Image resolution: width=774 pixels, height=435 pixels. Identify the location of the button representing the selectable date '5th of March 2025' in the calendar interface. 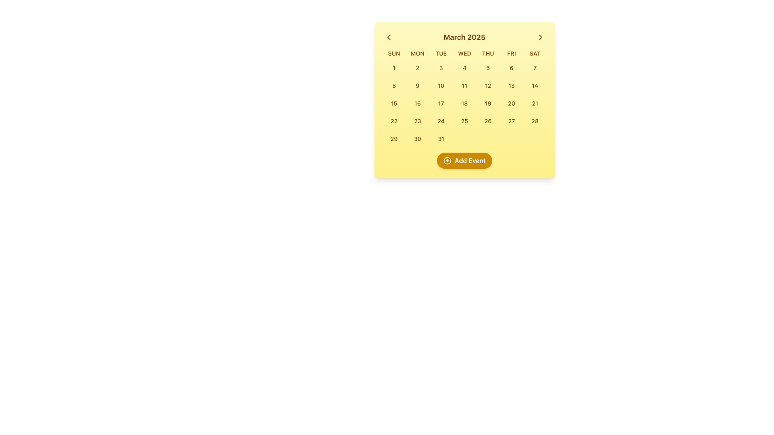
(487, 68).